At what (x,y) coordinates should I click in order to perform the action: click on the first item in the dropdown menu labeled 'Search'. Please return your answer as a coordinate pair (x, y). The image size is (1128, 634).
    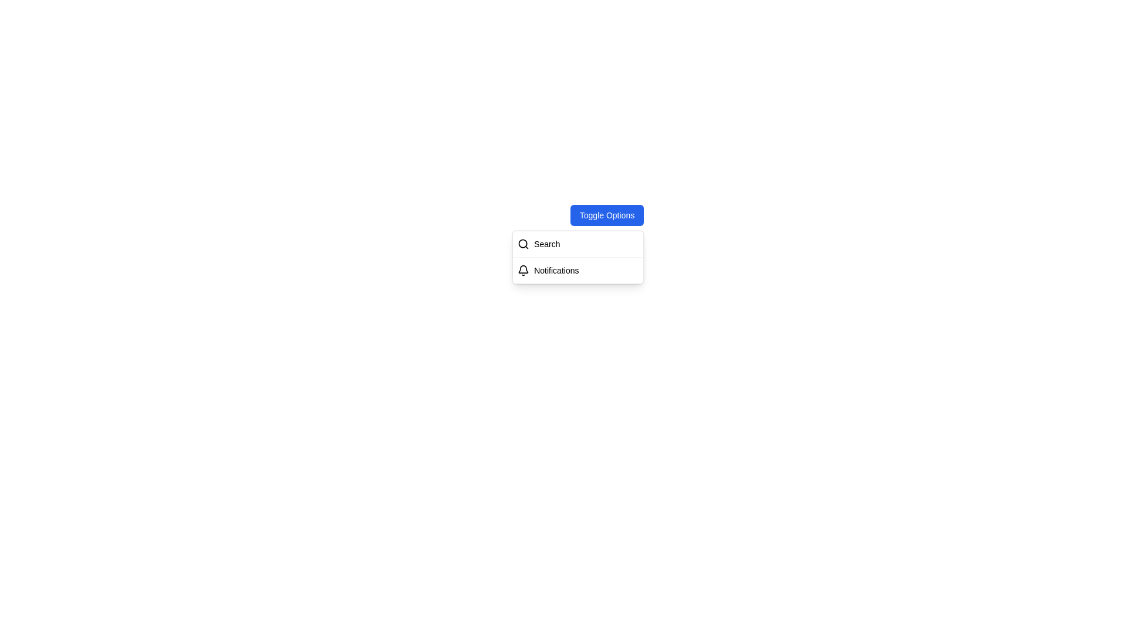
    Looking at the image, I should click on (578, 244).